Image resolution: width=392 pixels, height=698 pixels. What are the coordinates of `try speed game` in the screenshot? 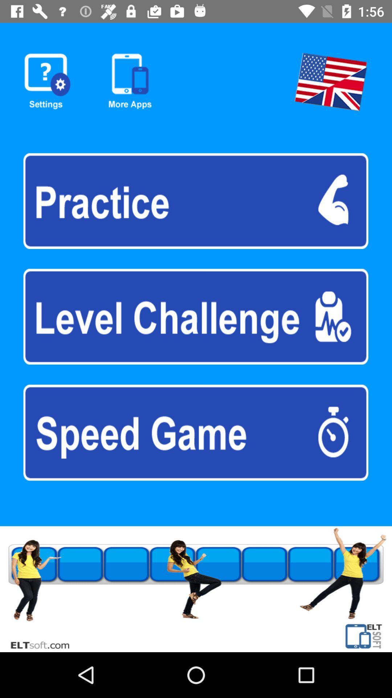 It's located at (195, 433).